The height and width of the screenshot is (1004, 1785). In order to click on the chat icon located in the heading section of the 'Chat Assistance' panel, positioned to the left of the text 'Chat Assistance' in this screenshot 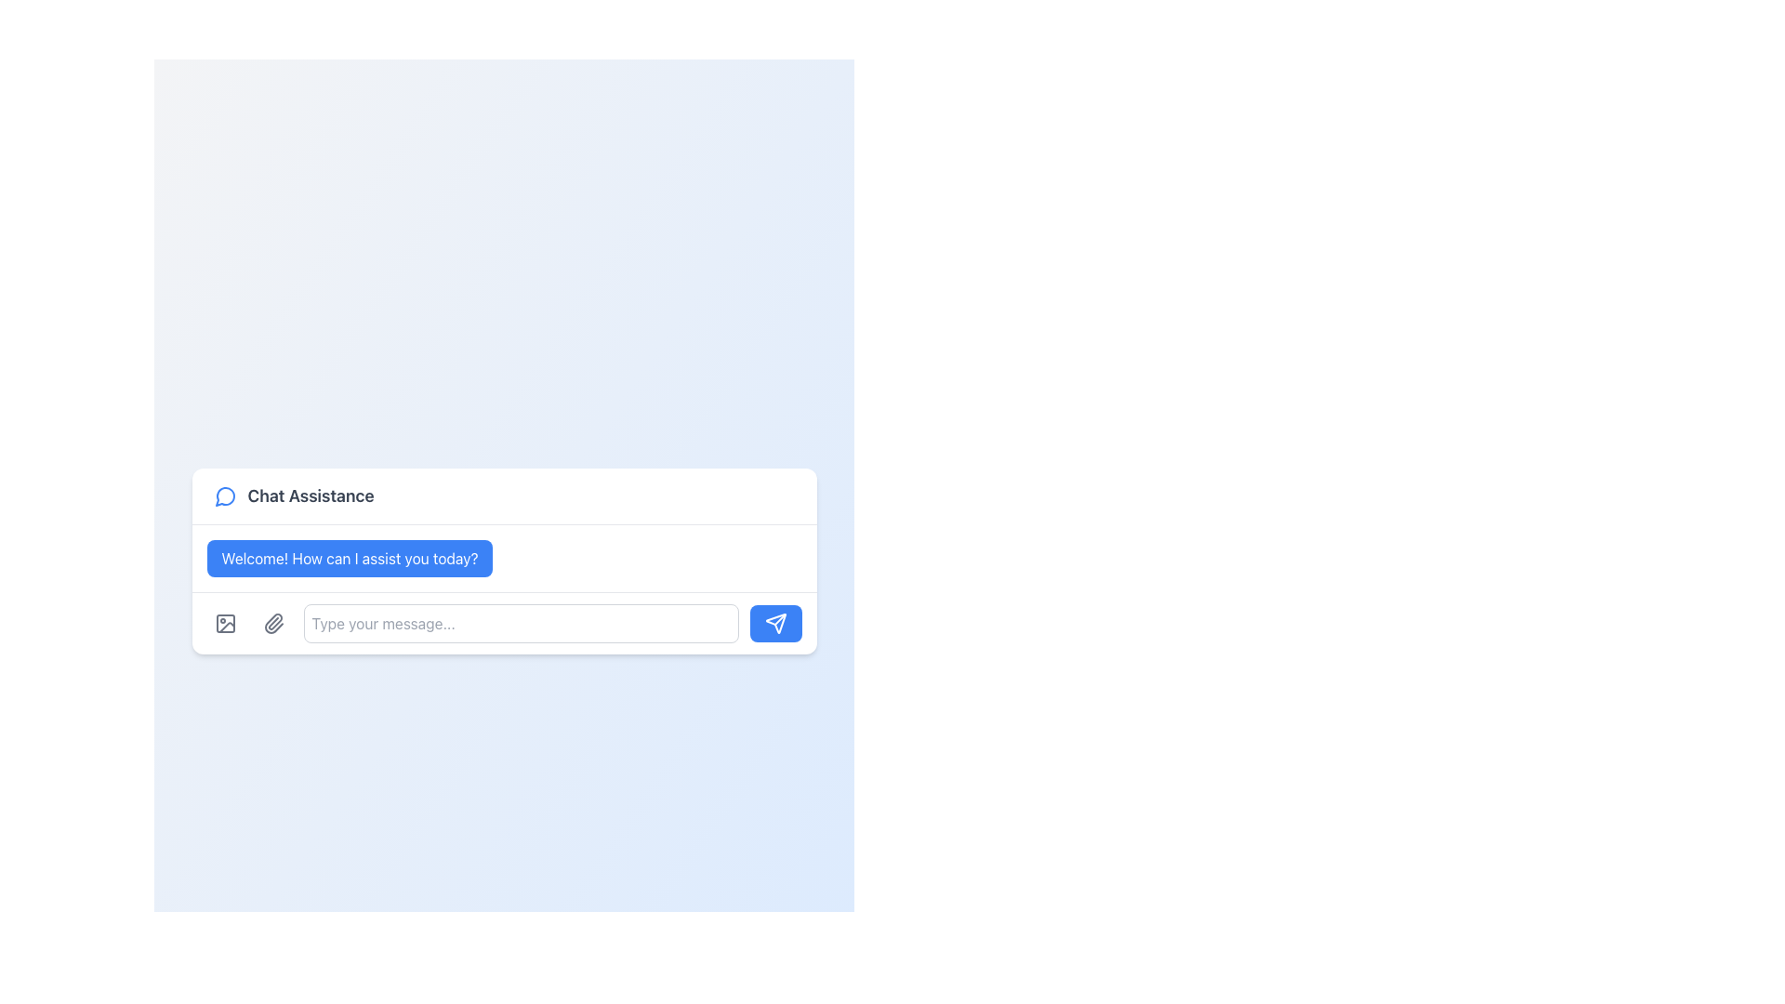, I will do `click(224, 495)`.